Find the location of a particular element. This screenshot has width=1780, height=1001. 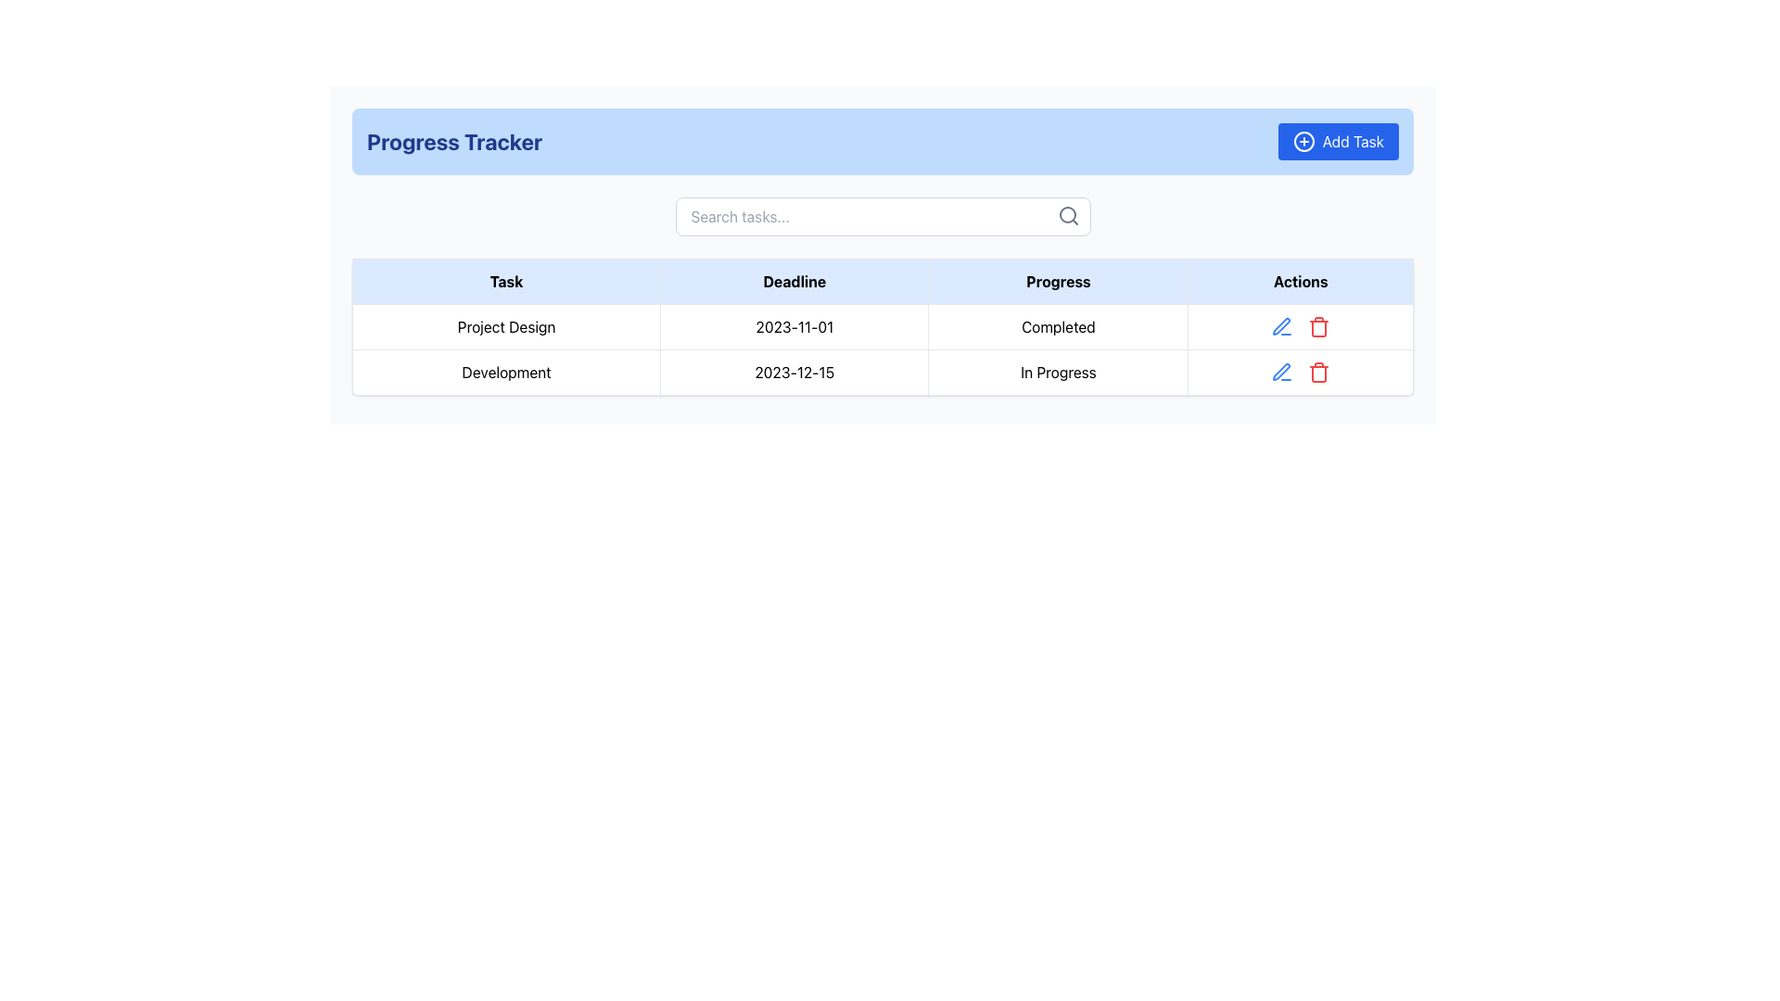

the edit icon button located in the second row of the 'Actions' column under the 'Progress Tracker' header is located at coordinates (1280, 326).